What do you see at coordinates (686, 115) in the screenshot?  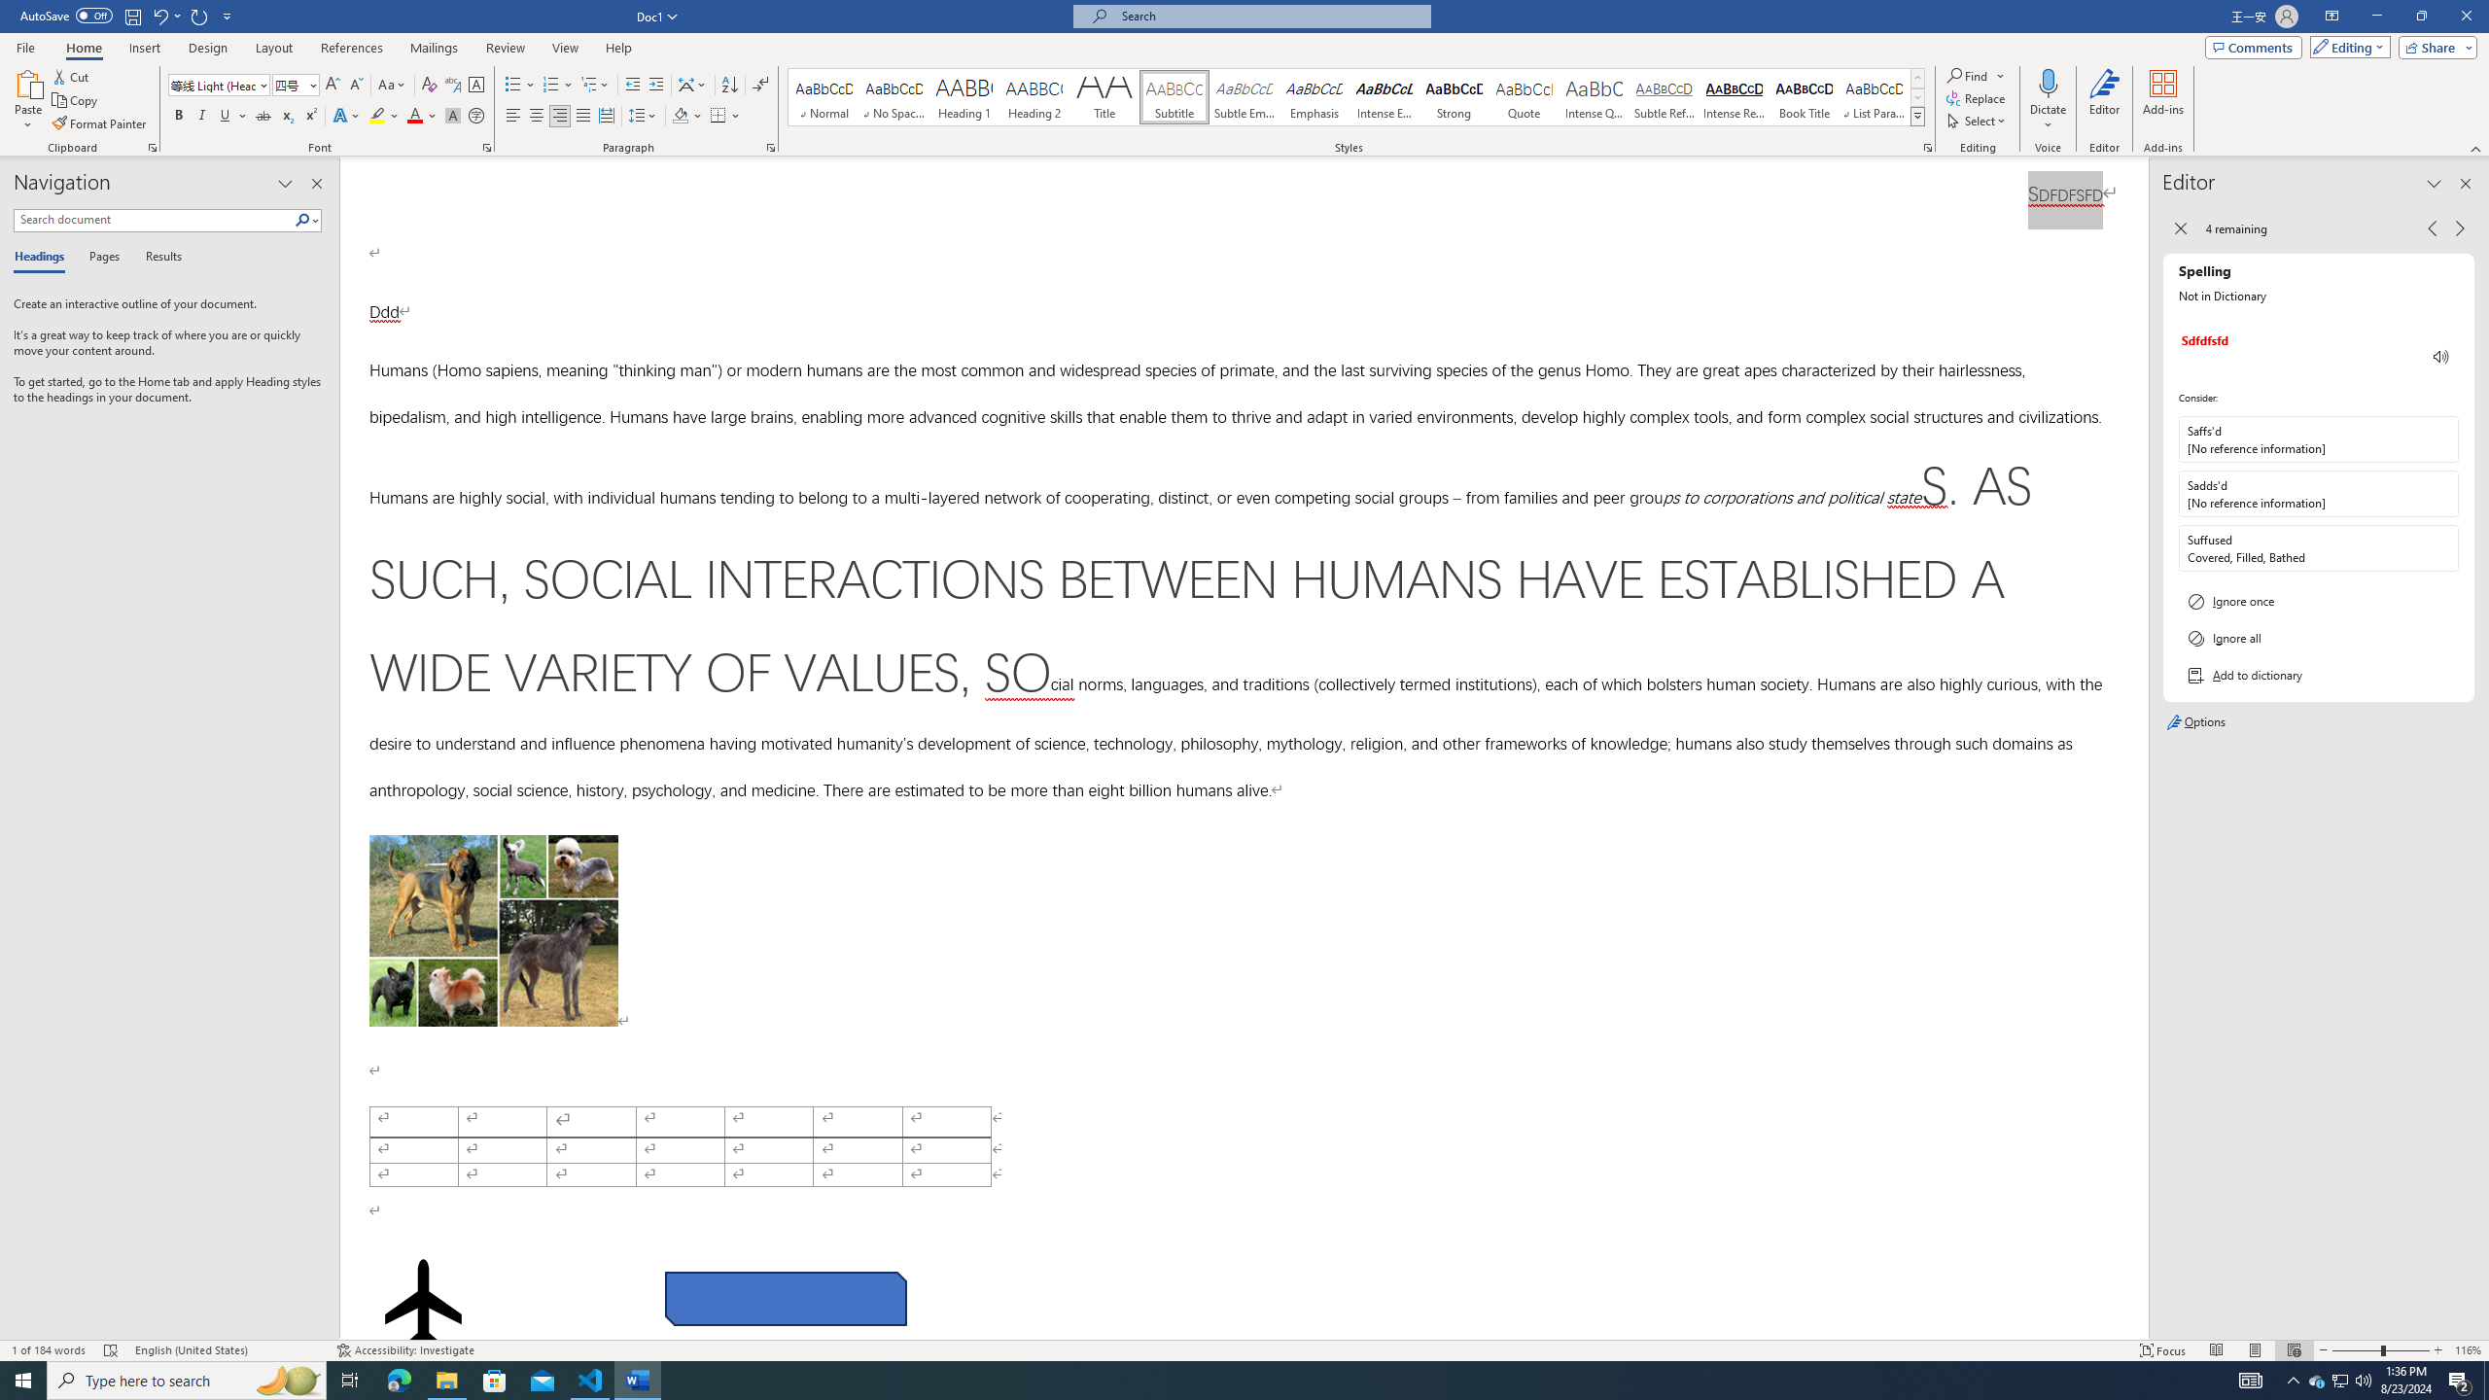 I see `'Shading'` at bounding box center [686, 115].